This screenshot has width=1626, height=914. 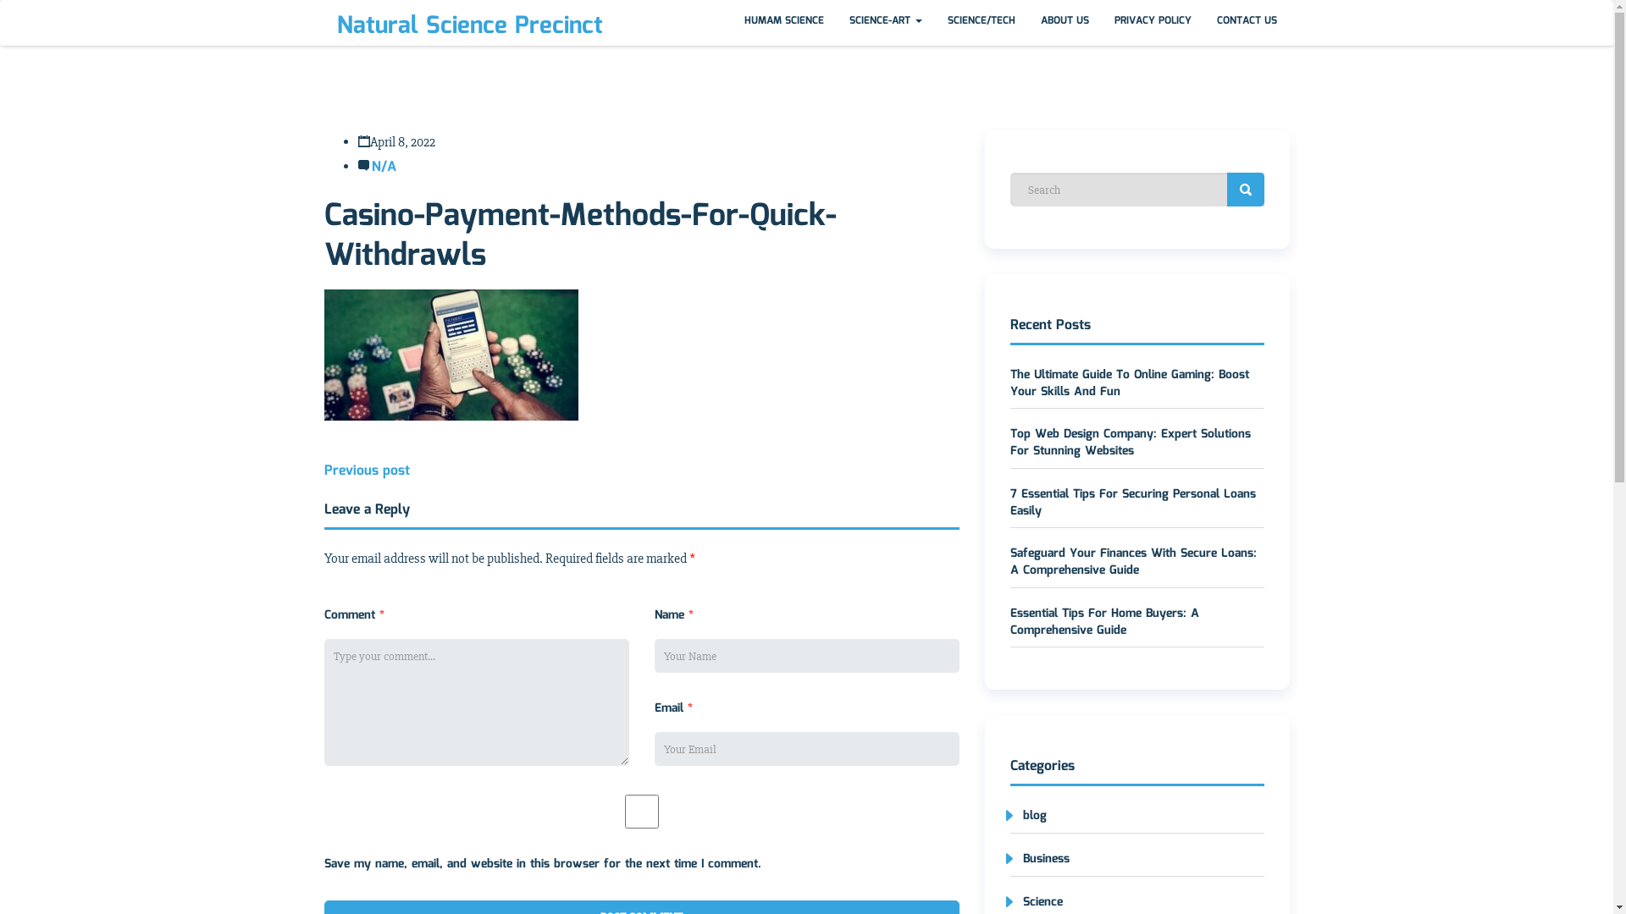 I want to click on 'Previous post', so click(x=365, y=471).